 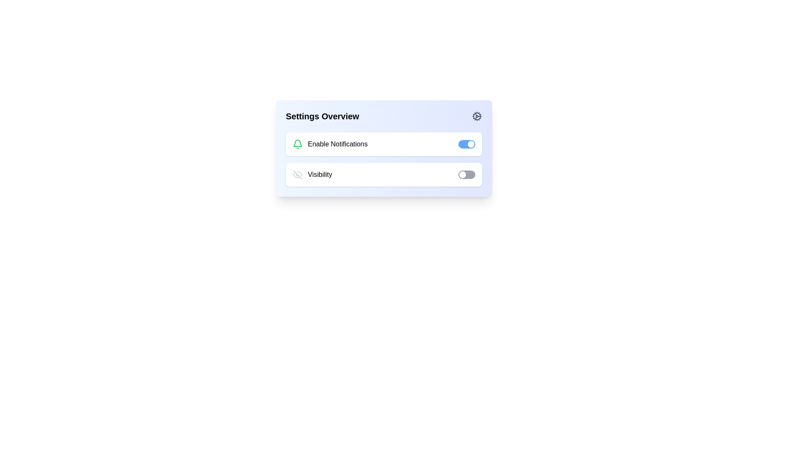 I want to click on the 'Visibility' text label, which is positioned in the settings section, aligned with an eye icon on the left and a toggle switch on the right, so click(x=319, y=174).